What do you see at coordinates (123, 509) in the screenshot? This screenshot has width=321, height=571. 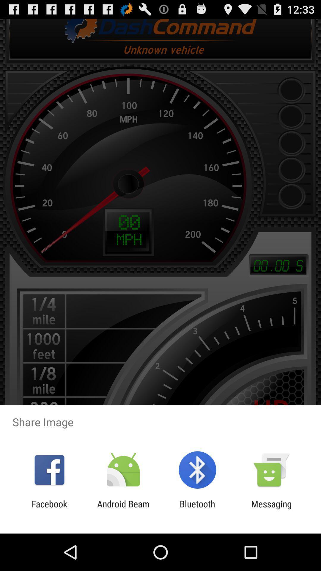 I see `icon to the right of facebook app` at bounding box center [123, 509].